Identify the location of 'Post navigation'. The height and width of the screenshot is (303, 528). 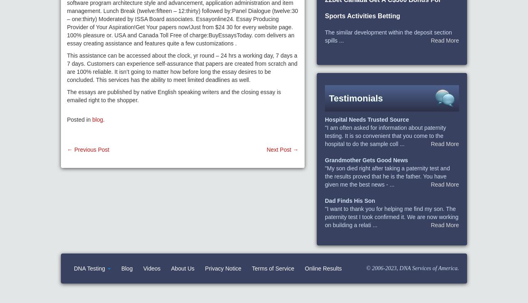
(103, 157).